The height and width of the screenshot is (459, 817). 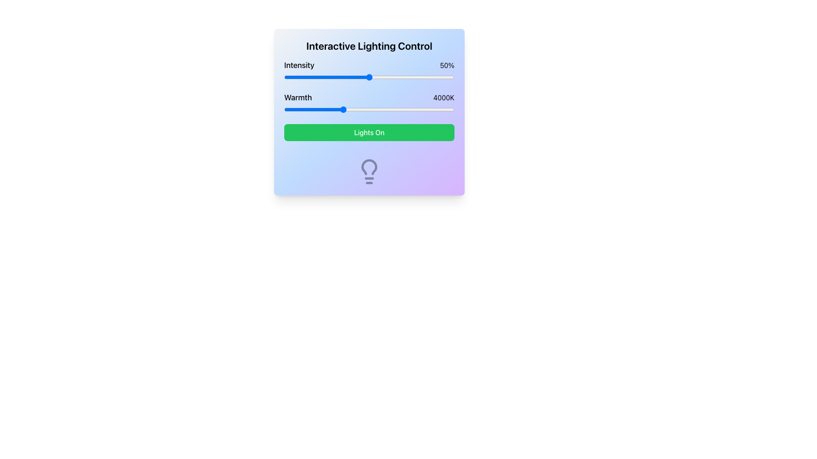 I want to click on warmth, so click(x=333, y=109).